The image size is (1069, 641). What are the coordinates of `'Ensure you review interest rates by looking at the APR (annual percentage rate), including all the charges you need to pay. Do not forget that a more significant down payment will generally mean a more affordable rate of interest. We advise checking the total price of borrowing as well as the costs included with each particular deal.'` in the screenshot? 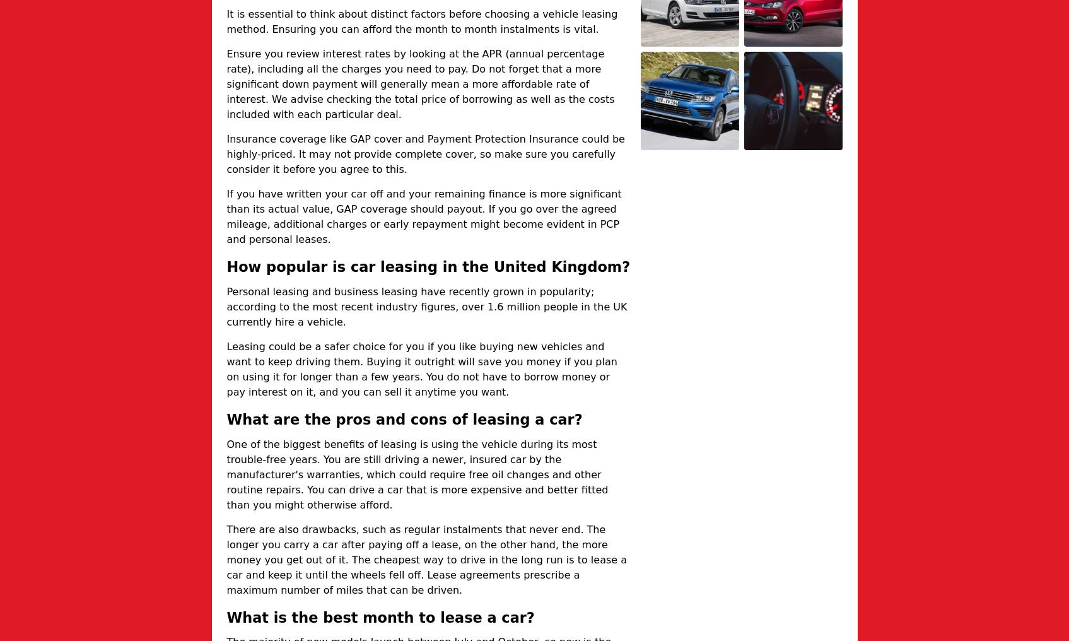 It's located at (420, 83).